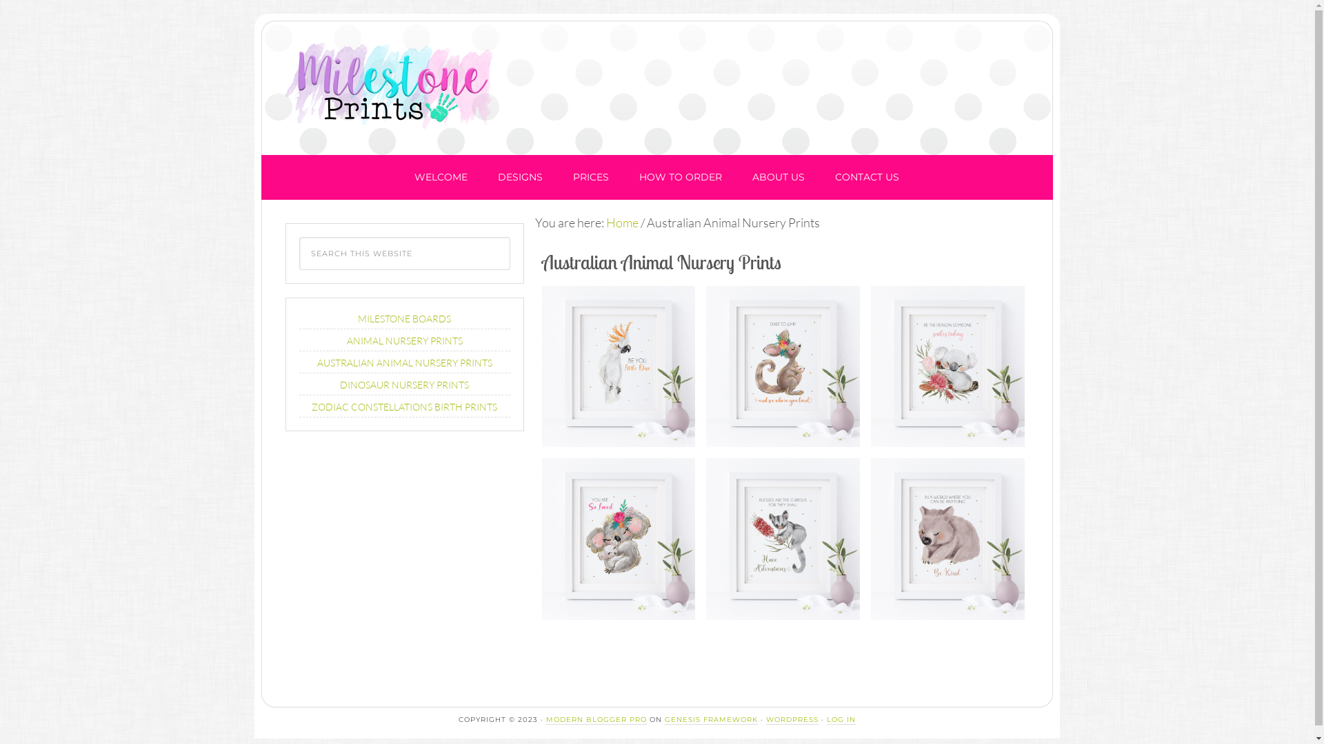  Describe the element at coordinates (866, 176) in the screenshot. I see `'CONTACT US'` at that location.